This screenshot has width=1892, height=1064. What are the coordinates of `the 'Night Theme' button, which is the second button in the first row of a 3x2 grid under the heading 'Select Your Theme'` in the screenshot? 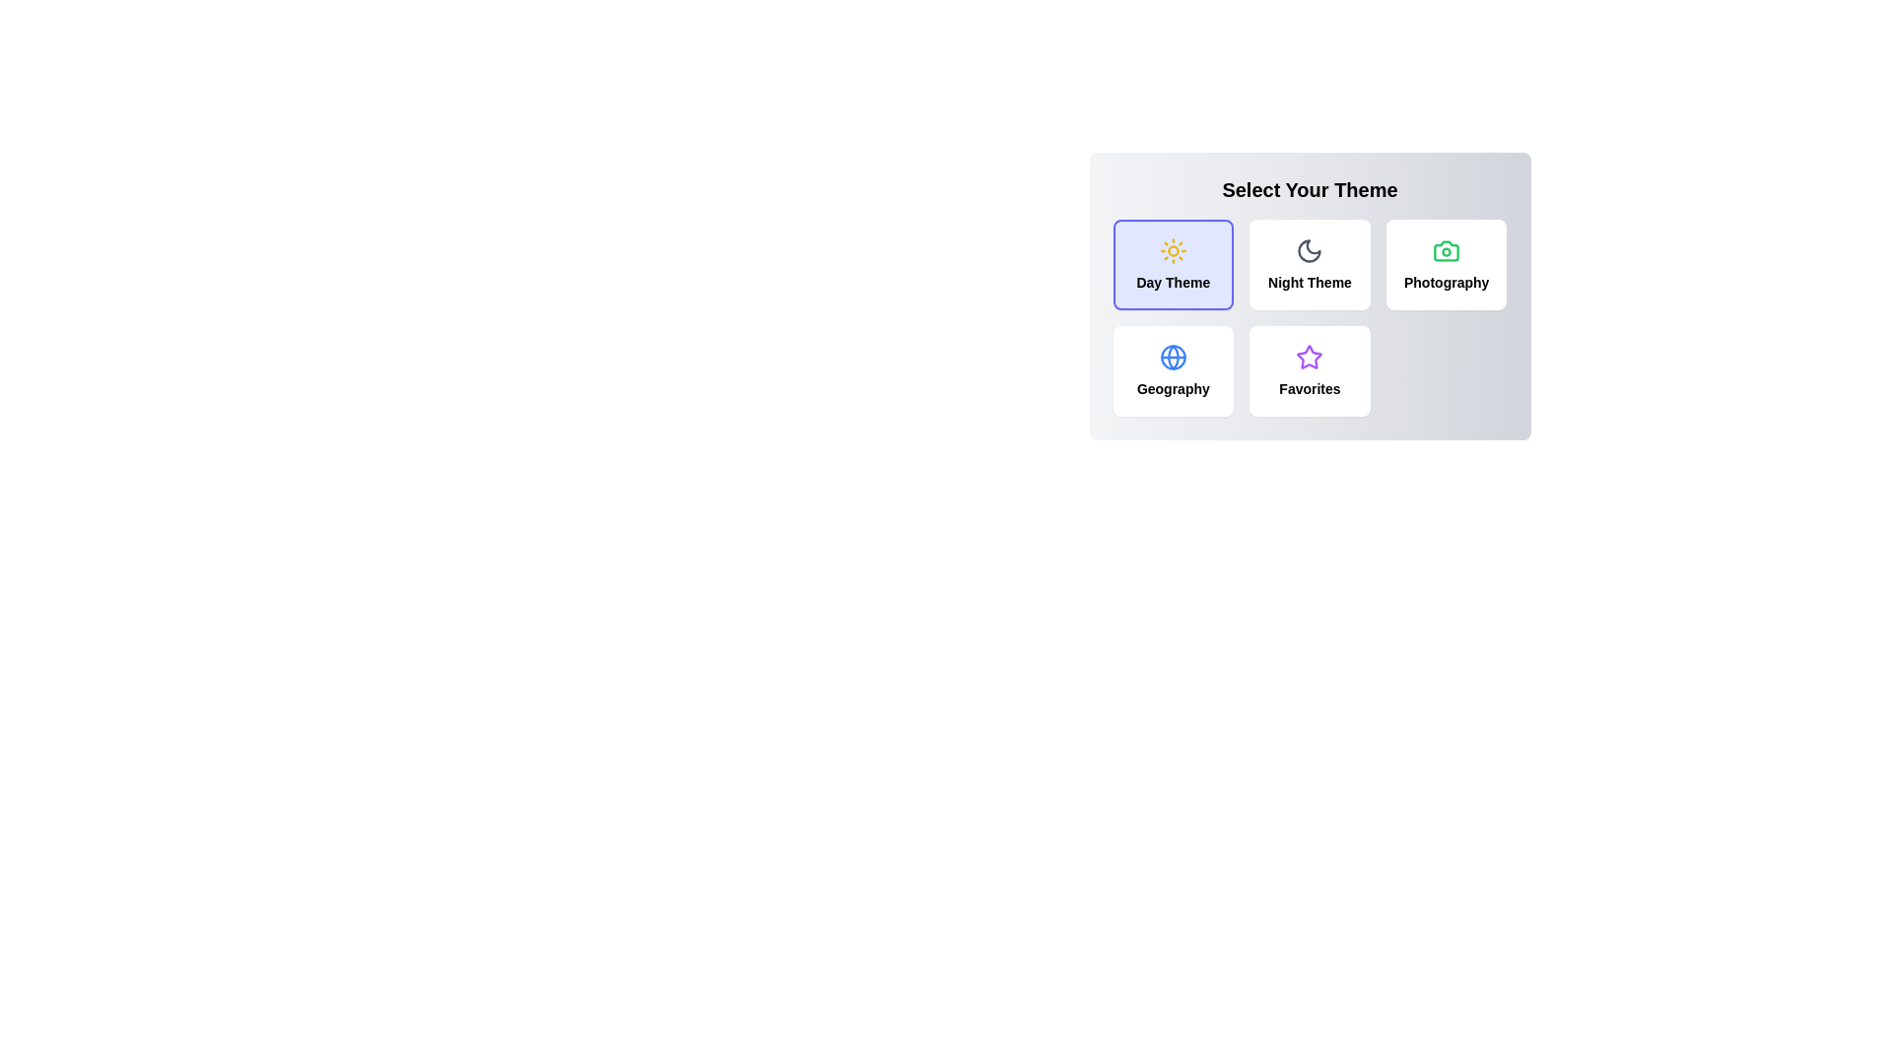 It's located at (1310, 296).